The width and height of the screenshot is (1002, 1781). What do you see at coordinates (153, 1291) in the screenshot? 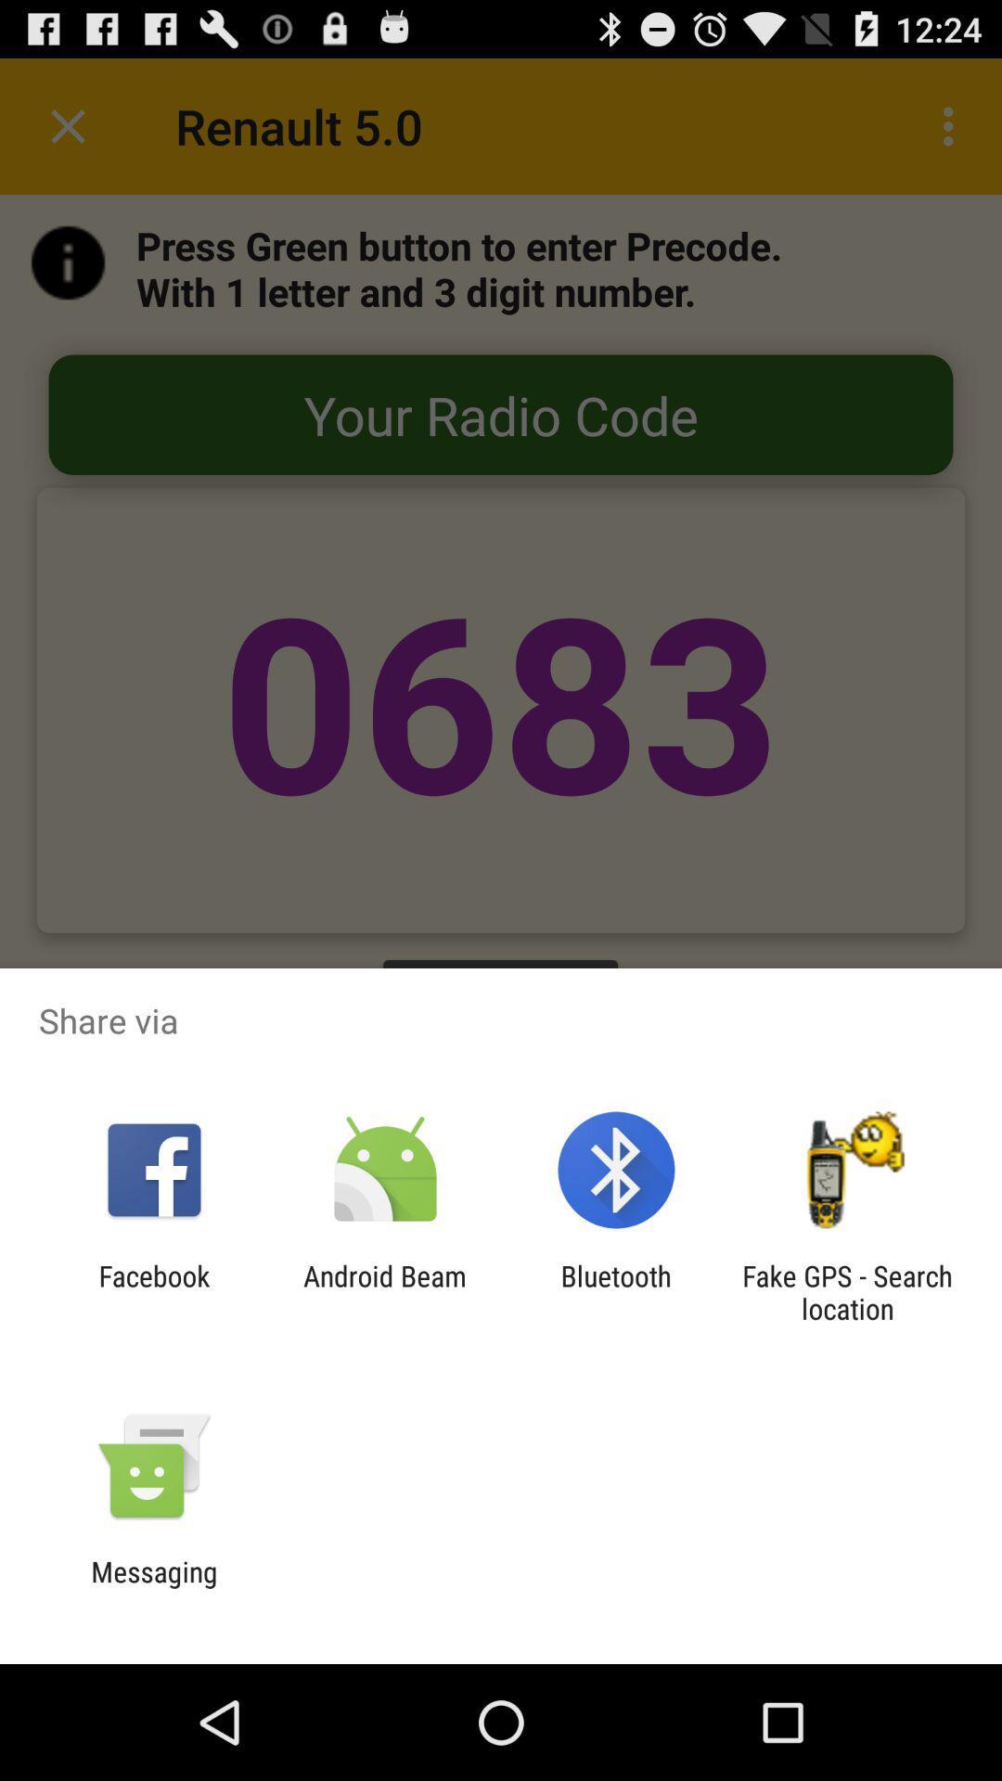
I see `facebook icon` at bounding box center [153, 1291].